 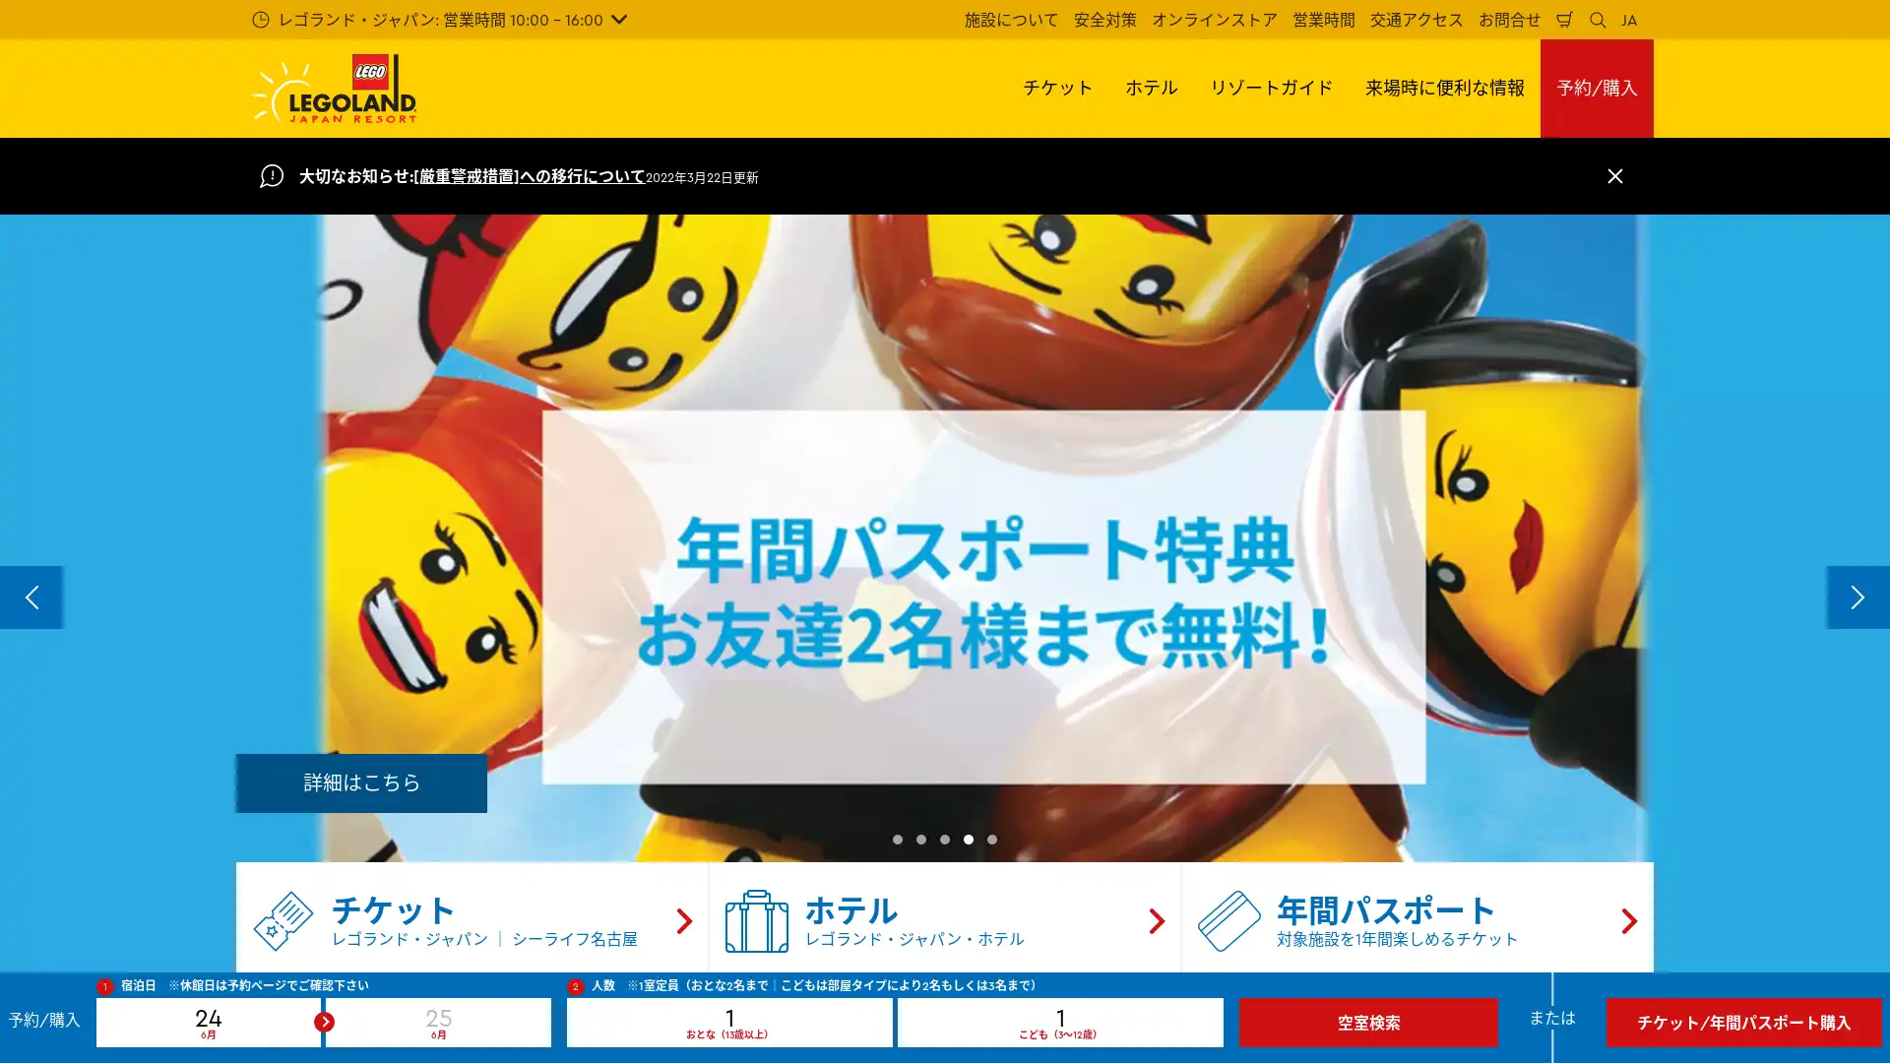 What do you see at coordinates (992, 839) in the screenshot?
I see `Go to slide 5` at bounding box center [992, 839].